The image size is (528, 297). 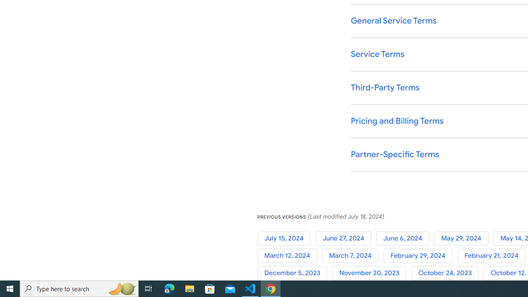 I want to click on 'June 27, 2024', so click(x=345, y=238).